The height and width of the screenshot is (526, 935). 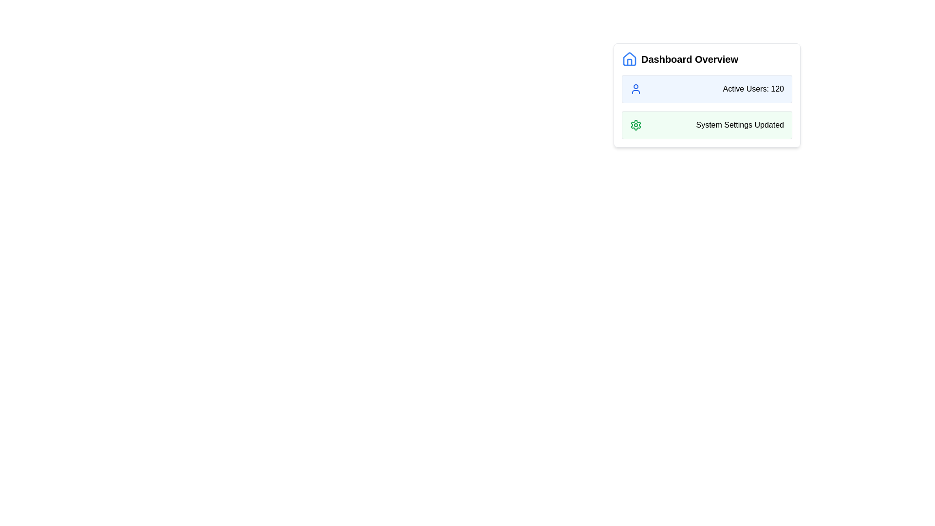 What do you see at coordinates (629, 62) in the screenshot?
I see `the decorative SVG component of the house icon located in the top-left section of the 'Dashboard Overview' card` at bounding box center [629, 62].